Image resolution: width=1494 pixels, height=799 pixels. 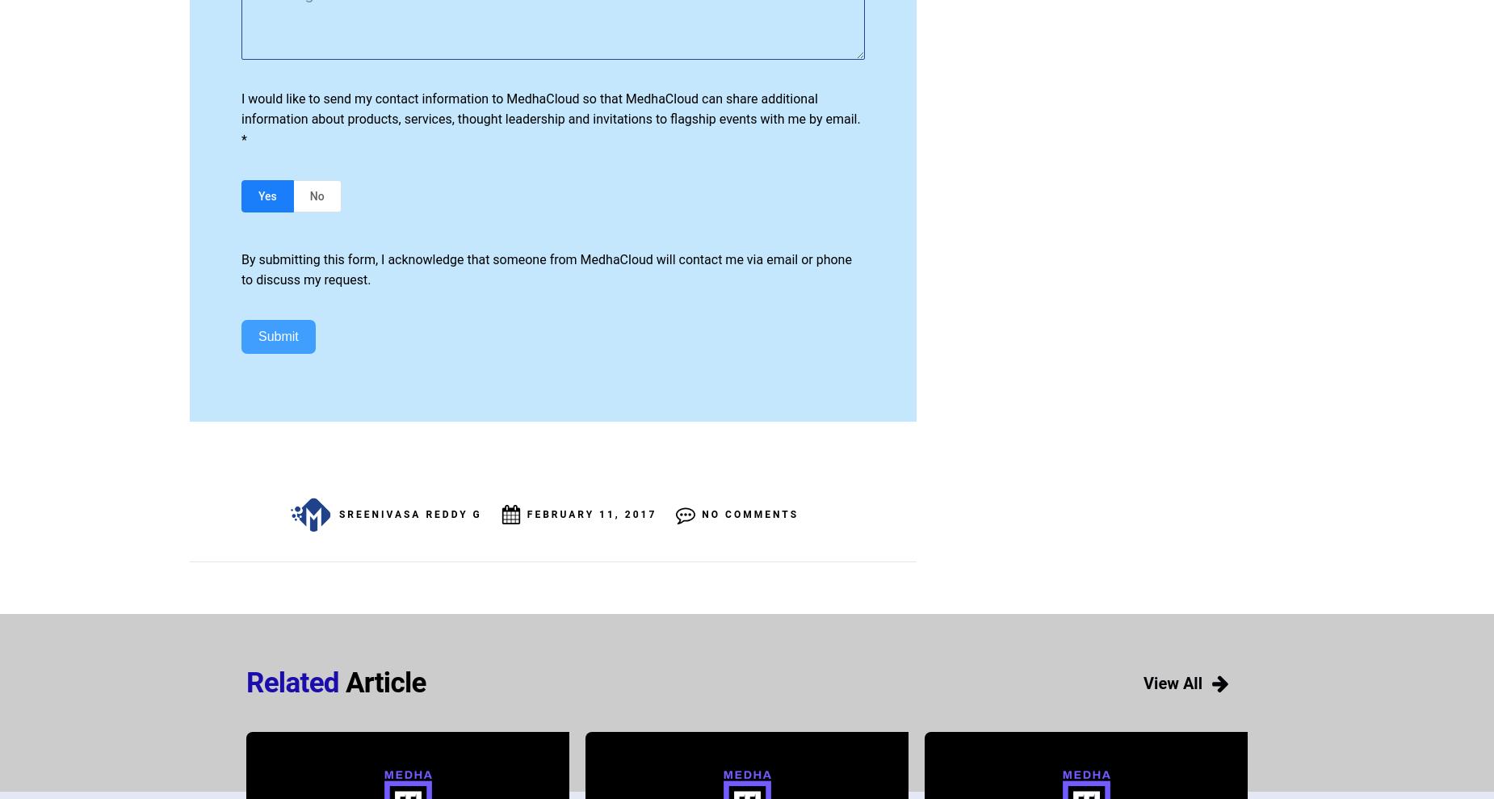 I want to click on 'No', so click(x=316, y=195).